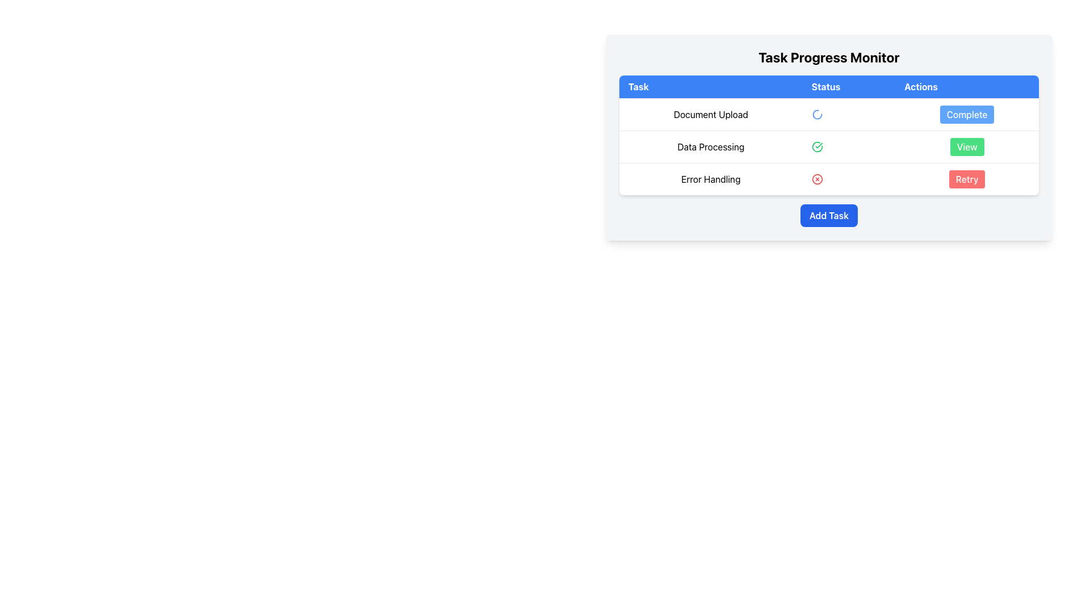 This screenshot has height=613, width=1090. I want to click on the green 'View' button with rounded corners located in the 'Actions' column of the 'Data Processing' row, so click(966, 146).